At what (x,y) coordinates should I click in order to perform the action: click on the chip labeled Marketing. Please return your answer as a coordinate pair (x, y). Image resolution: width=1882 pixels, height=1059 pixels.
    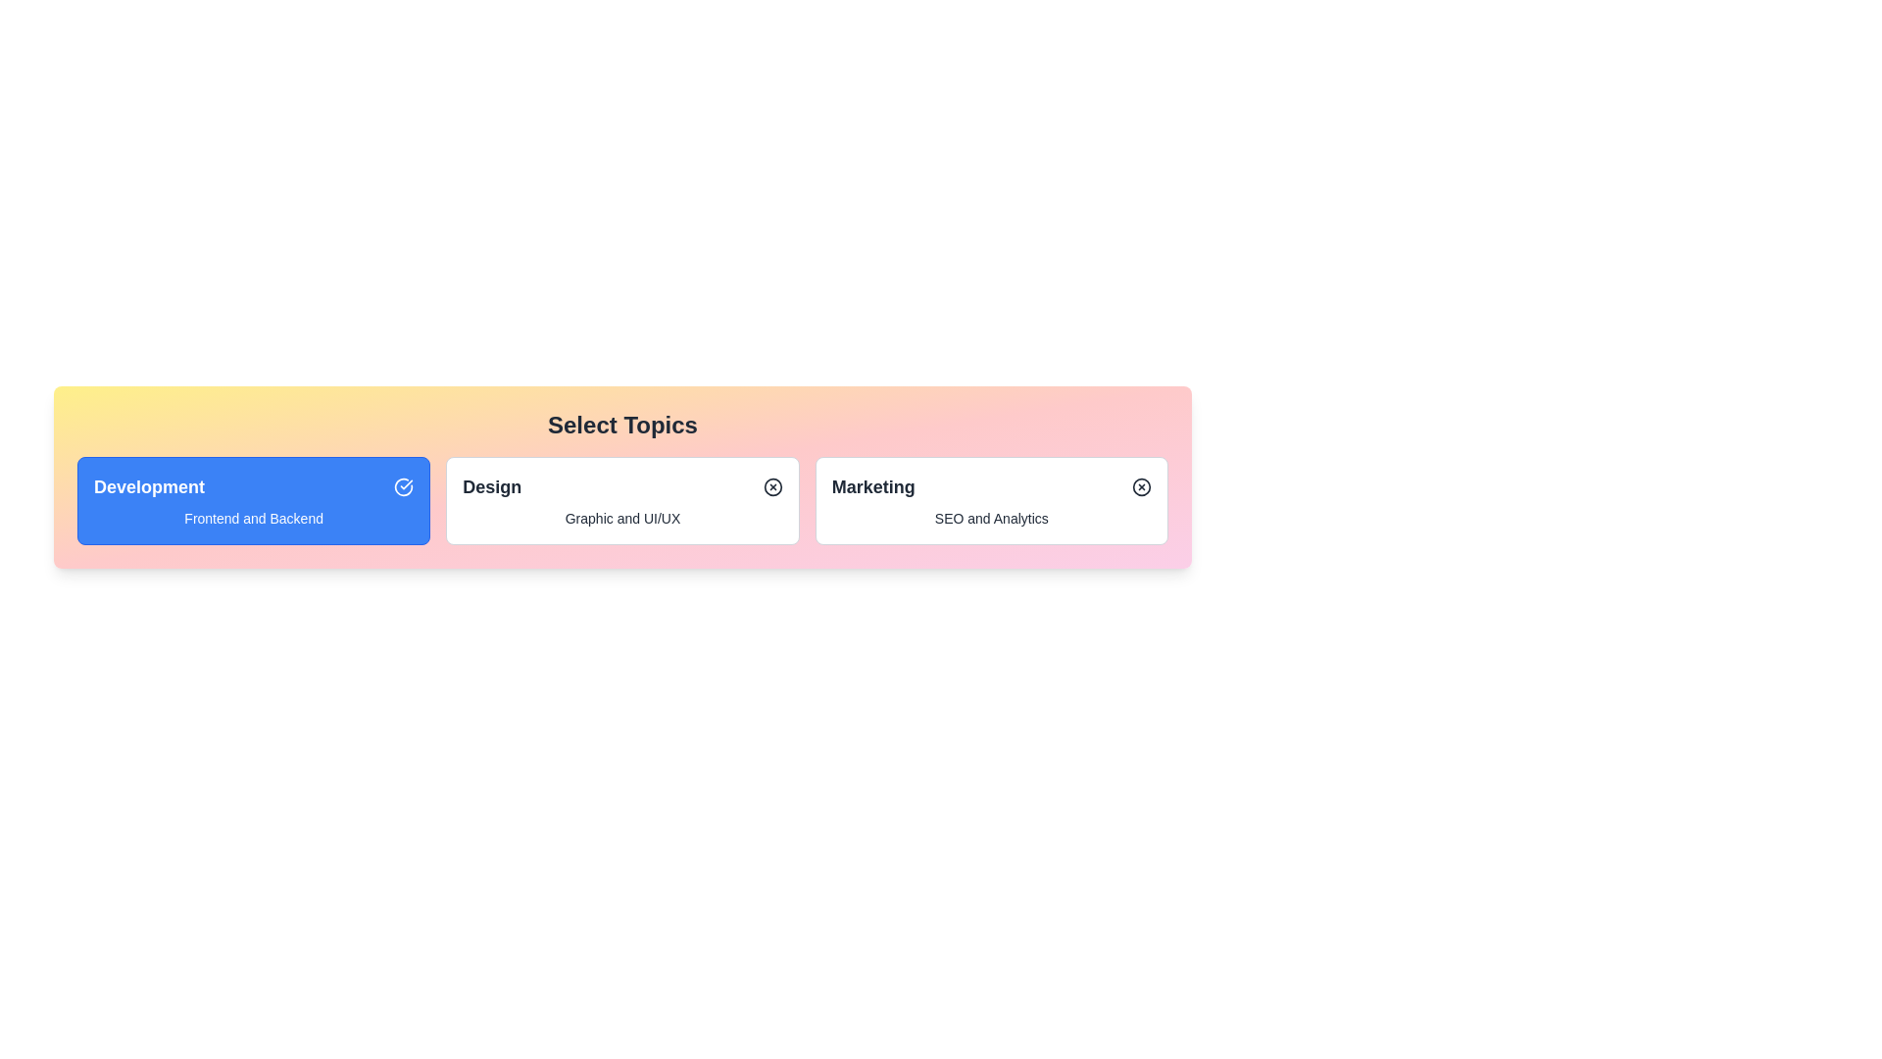
    Looking at the image, I should click on (991, 499).